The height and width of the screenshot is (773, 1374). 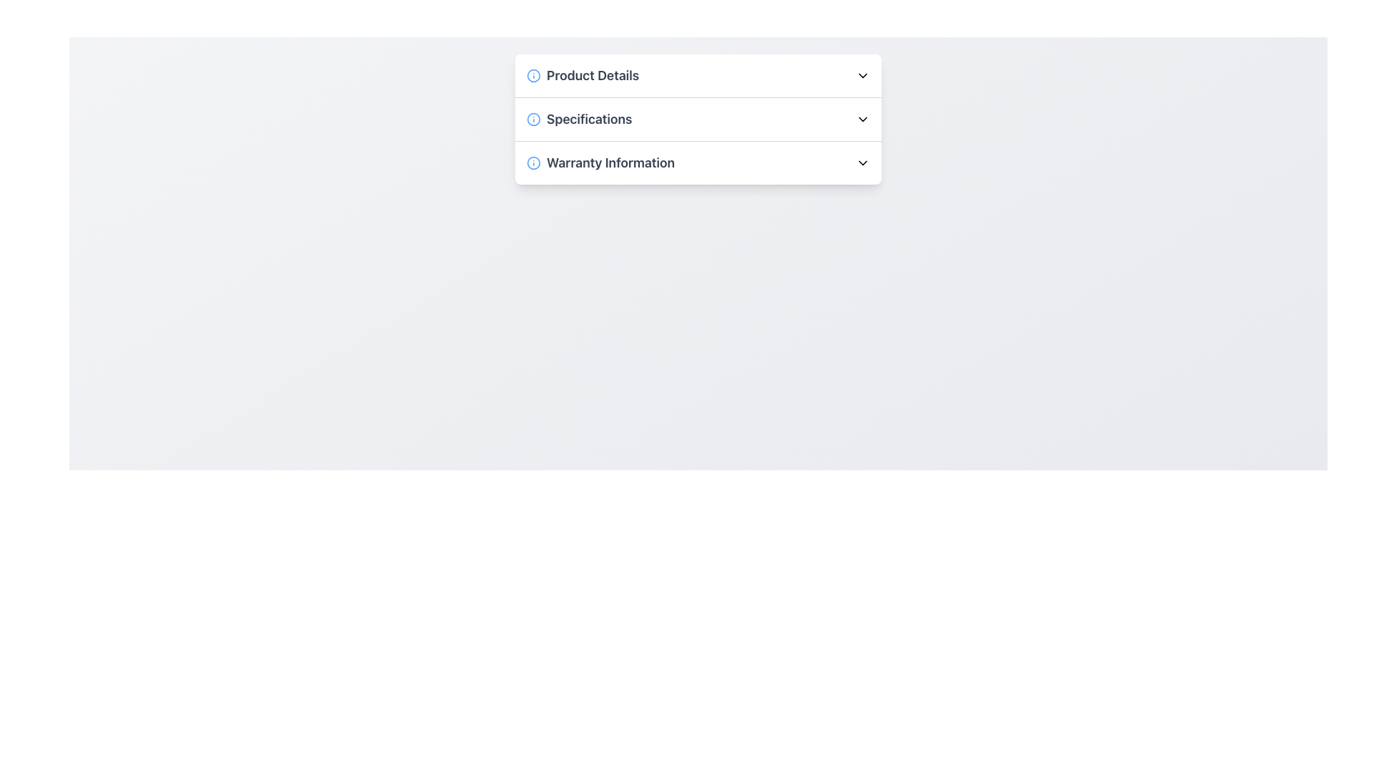 I want to click on the downward-pointing chevron icon, which serves as the dropdown indicator for the 'Product Details' header row, so click(x=862, y=75).